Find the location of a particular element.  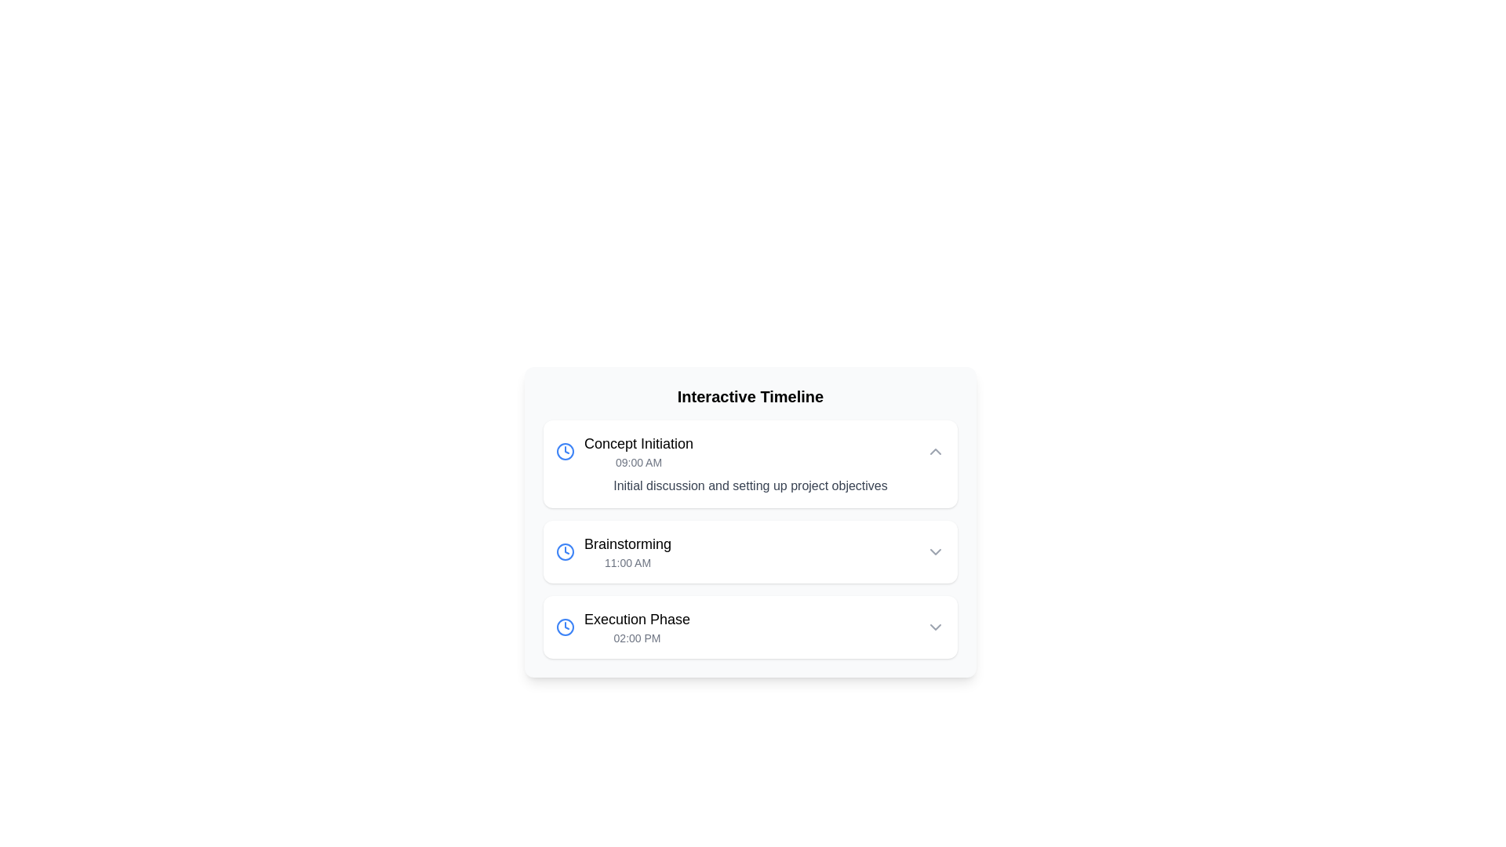

the 'Execution Phase' item in the timeline is located at coordinates (749, 626).